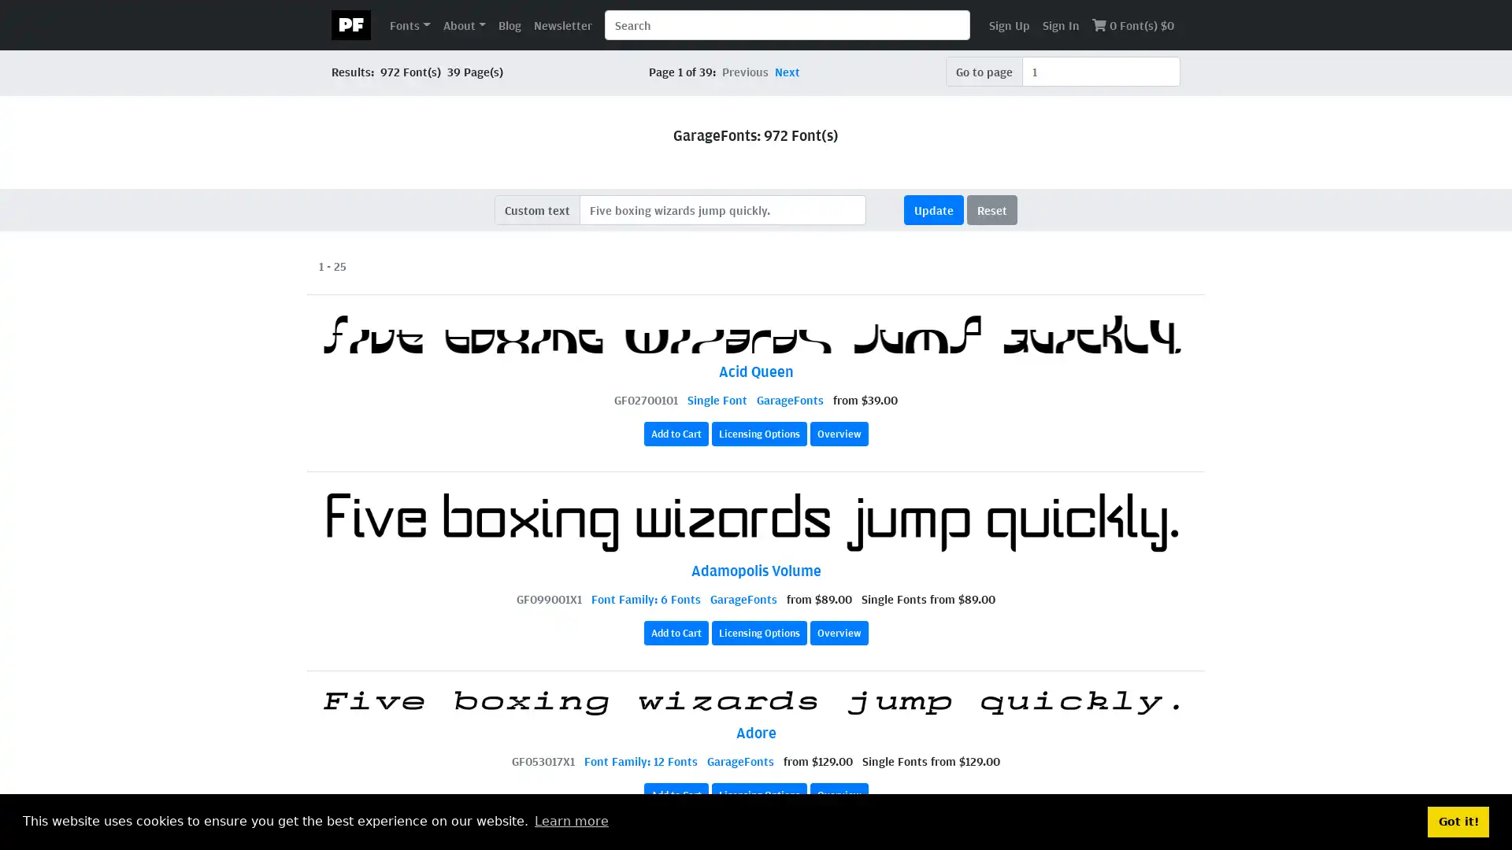 The image size is (1512, 850). I want to click on About, so click(463, 24).